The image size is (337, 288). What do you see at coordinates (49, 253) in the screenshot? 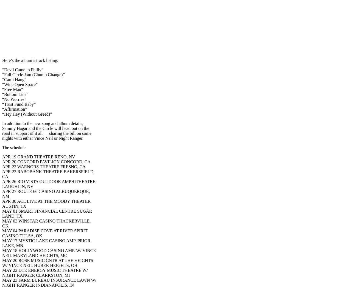
I see `'MAY 18 HOLLYWOOD CASINO AMP. W/ VINCE NEIL MARYLAND HEIGHTS, MO'` at bounding box center [49, 253].